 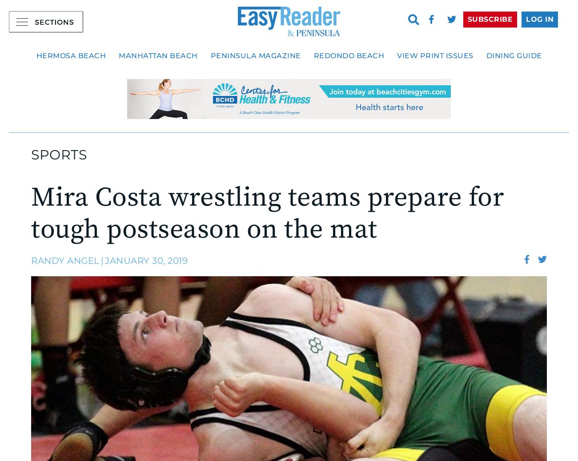 I want to click on 'Dining Guide', so click(x=514, y=55).